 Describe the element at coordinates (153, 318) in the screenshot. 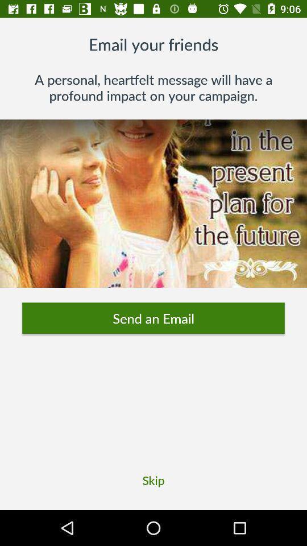

I see `the send an email item` at that location.